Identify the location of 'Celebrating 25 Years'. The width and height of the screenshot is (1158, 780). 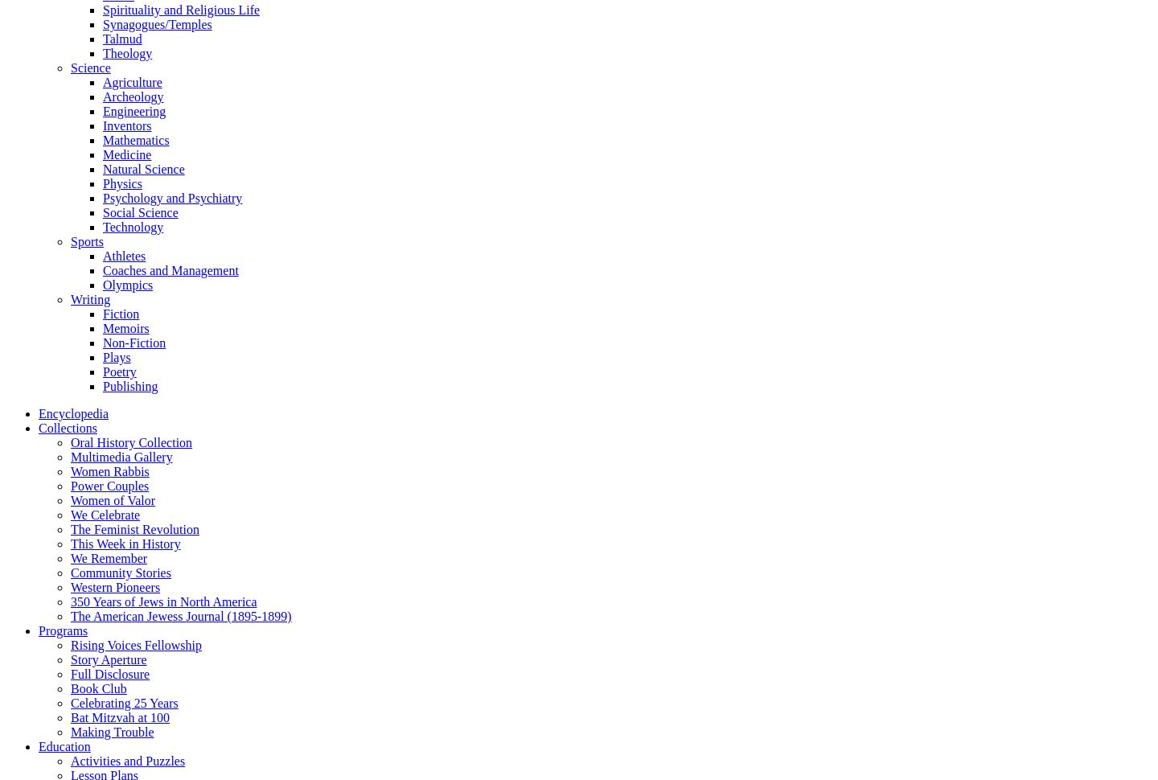
(123, 702).